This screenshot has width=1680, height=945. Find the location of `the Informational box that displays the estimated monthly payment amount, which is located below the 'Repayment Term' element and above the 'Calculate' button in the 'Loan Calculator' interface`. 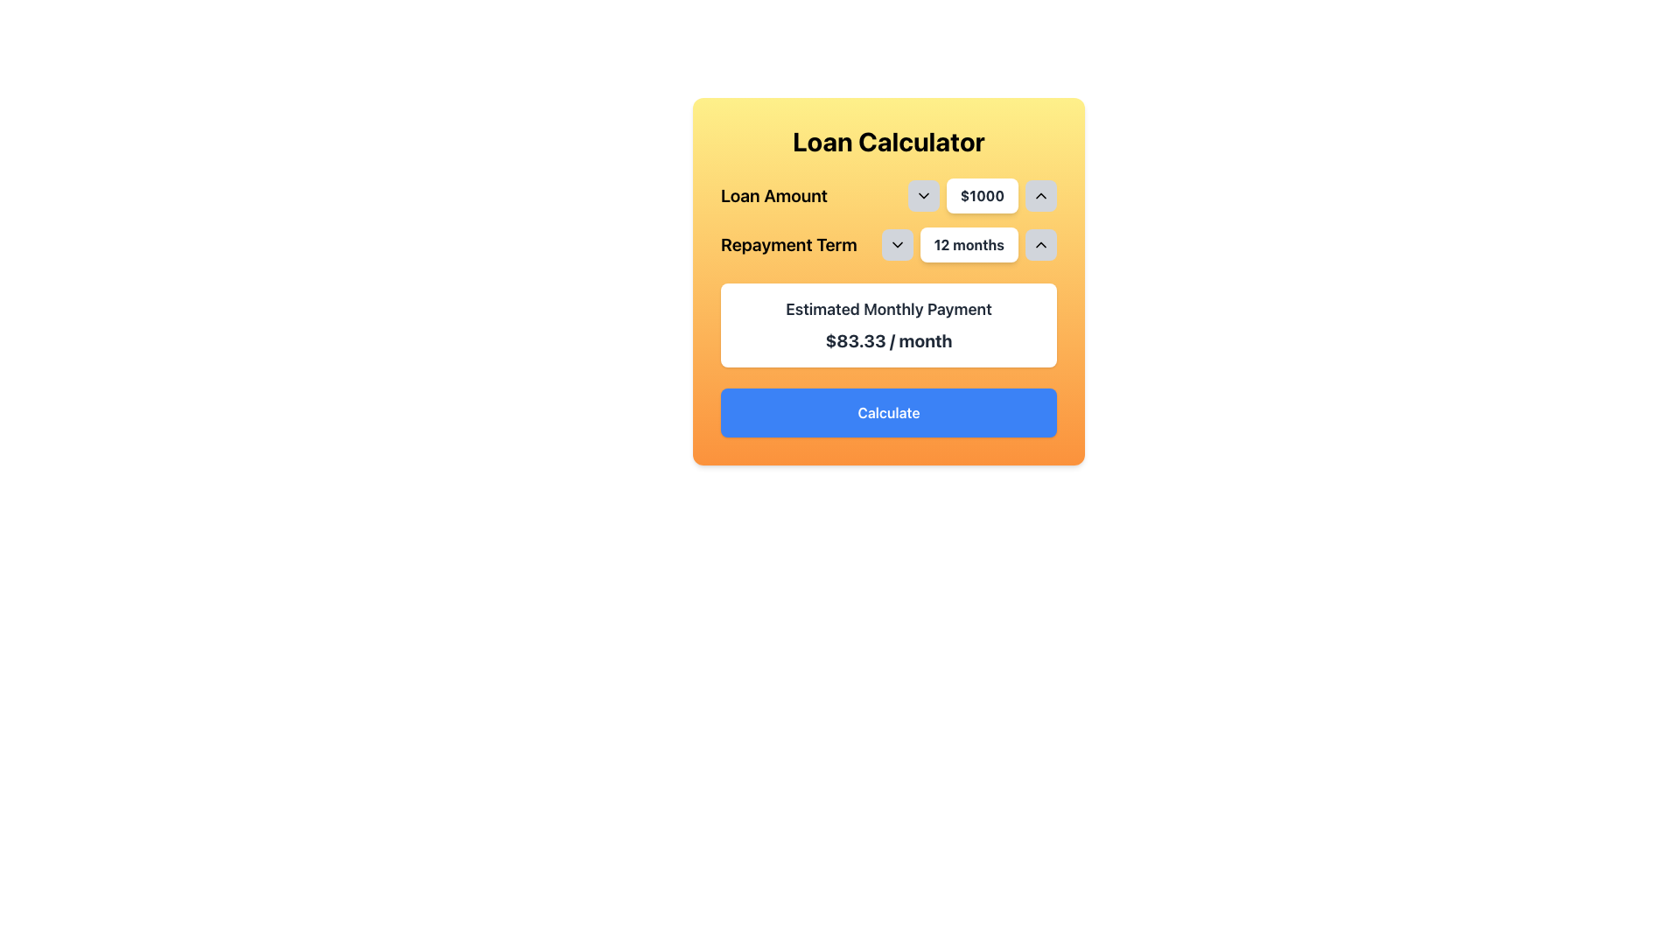

the Informational box that displays the estimated monthly payment amount, which is located below the 'Repayment Term' element and above the 'Calculate' button in the 'Loan Calculator' interface is located at coordinates (889, 325).